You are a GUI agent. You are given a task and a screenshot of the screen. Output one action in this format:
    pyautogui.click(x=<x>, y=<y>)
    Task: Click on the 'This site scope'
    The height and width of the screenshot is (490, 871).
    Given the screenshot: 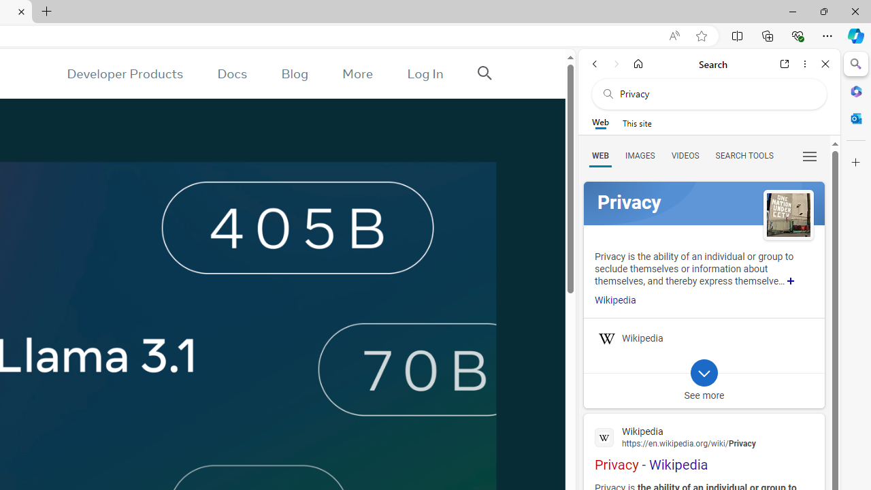 What is the action you would take?
    pyautogui.click(x=636, y=122)
    